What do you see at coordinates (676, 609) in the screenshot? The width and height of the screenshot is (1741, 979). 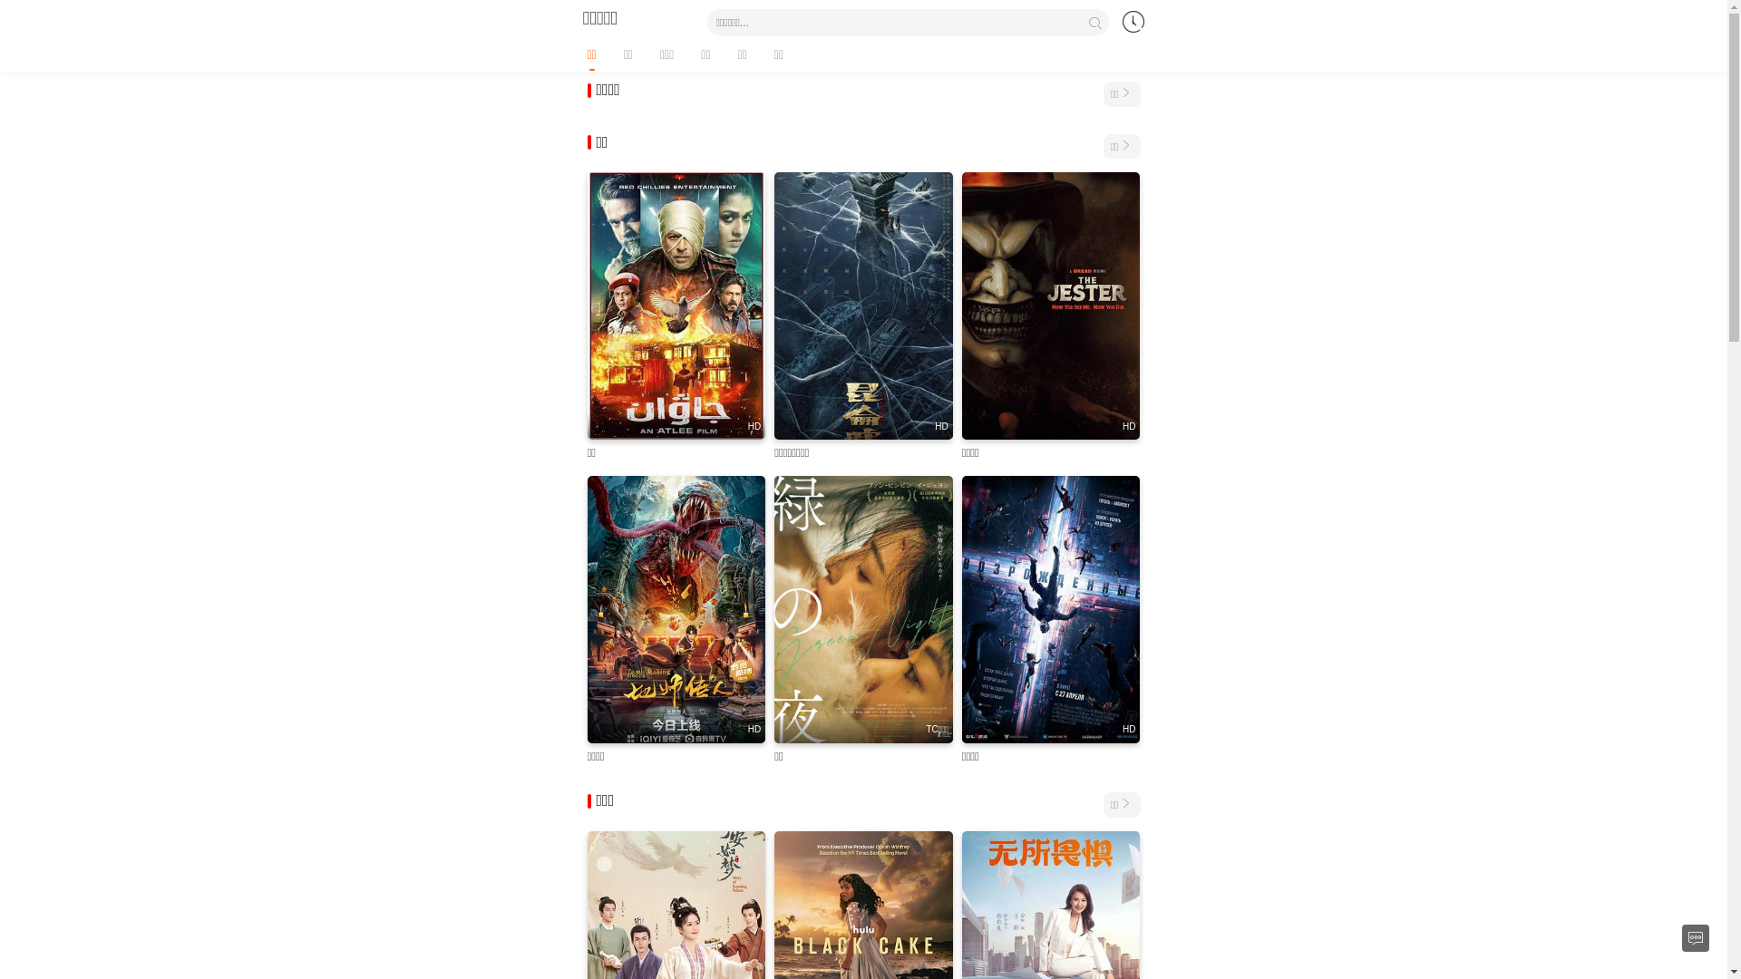 I see `'HD'` at bounding box center [676, 609].